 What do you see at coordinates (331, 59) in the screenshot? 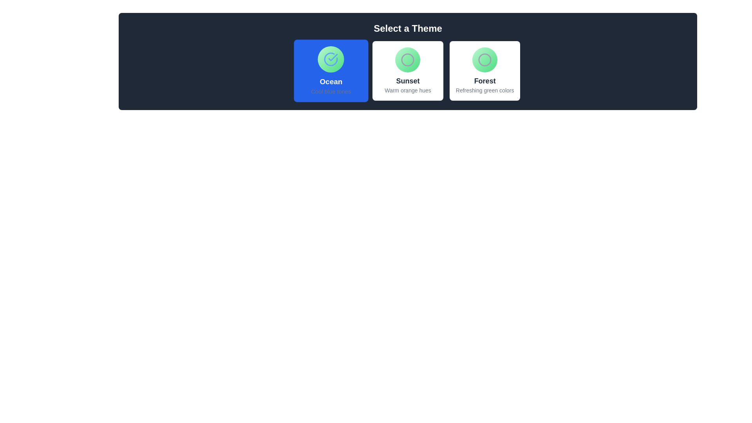
I see `the circular graphic icon with a blue outline and checkmark inside, indicating a completed state, located in the top middle part of the interface within the 'Ocean' selection option of the theme chooser` at bounding box center [331, 59].